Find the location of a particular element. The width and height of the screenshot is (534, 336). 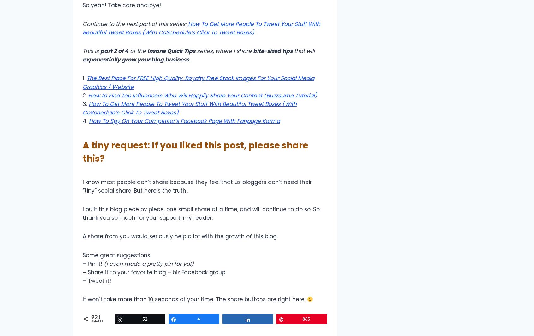

'that will' is located at coordinates (304, 51).